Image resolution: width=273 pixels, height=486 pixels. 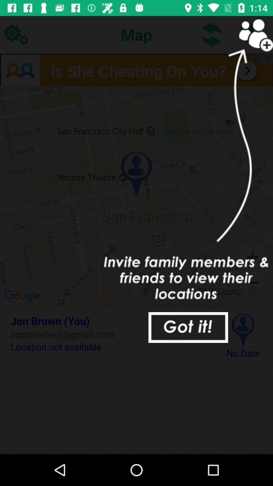 What do you see at coordinates (212, 34) in the screenshot?
I see `the item next to map` at bounding box center [212, 34].